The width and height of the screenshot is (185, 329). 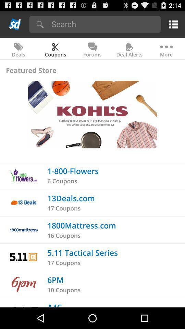 I want to click on app above the 17 coupons, so click(x=71, y=198).